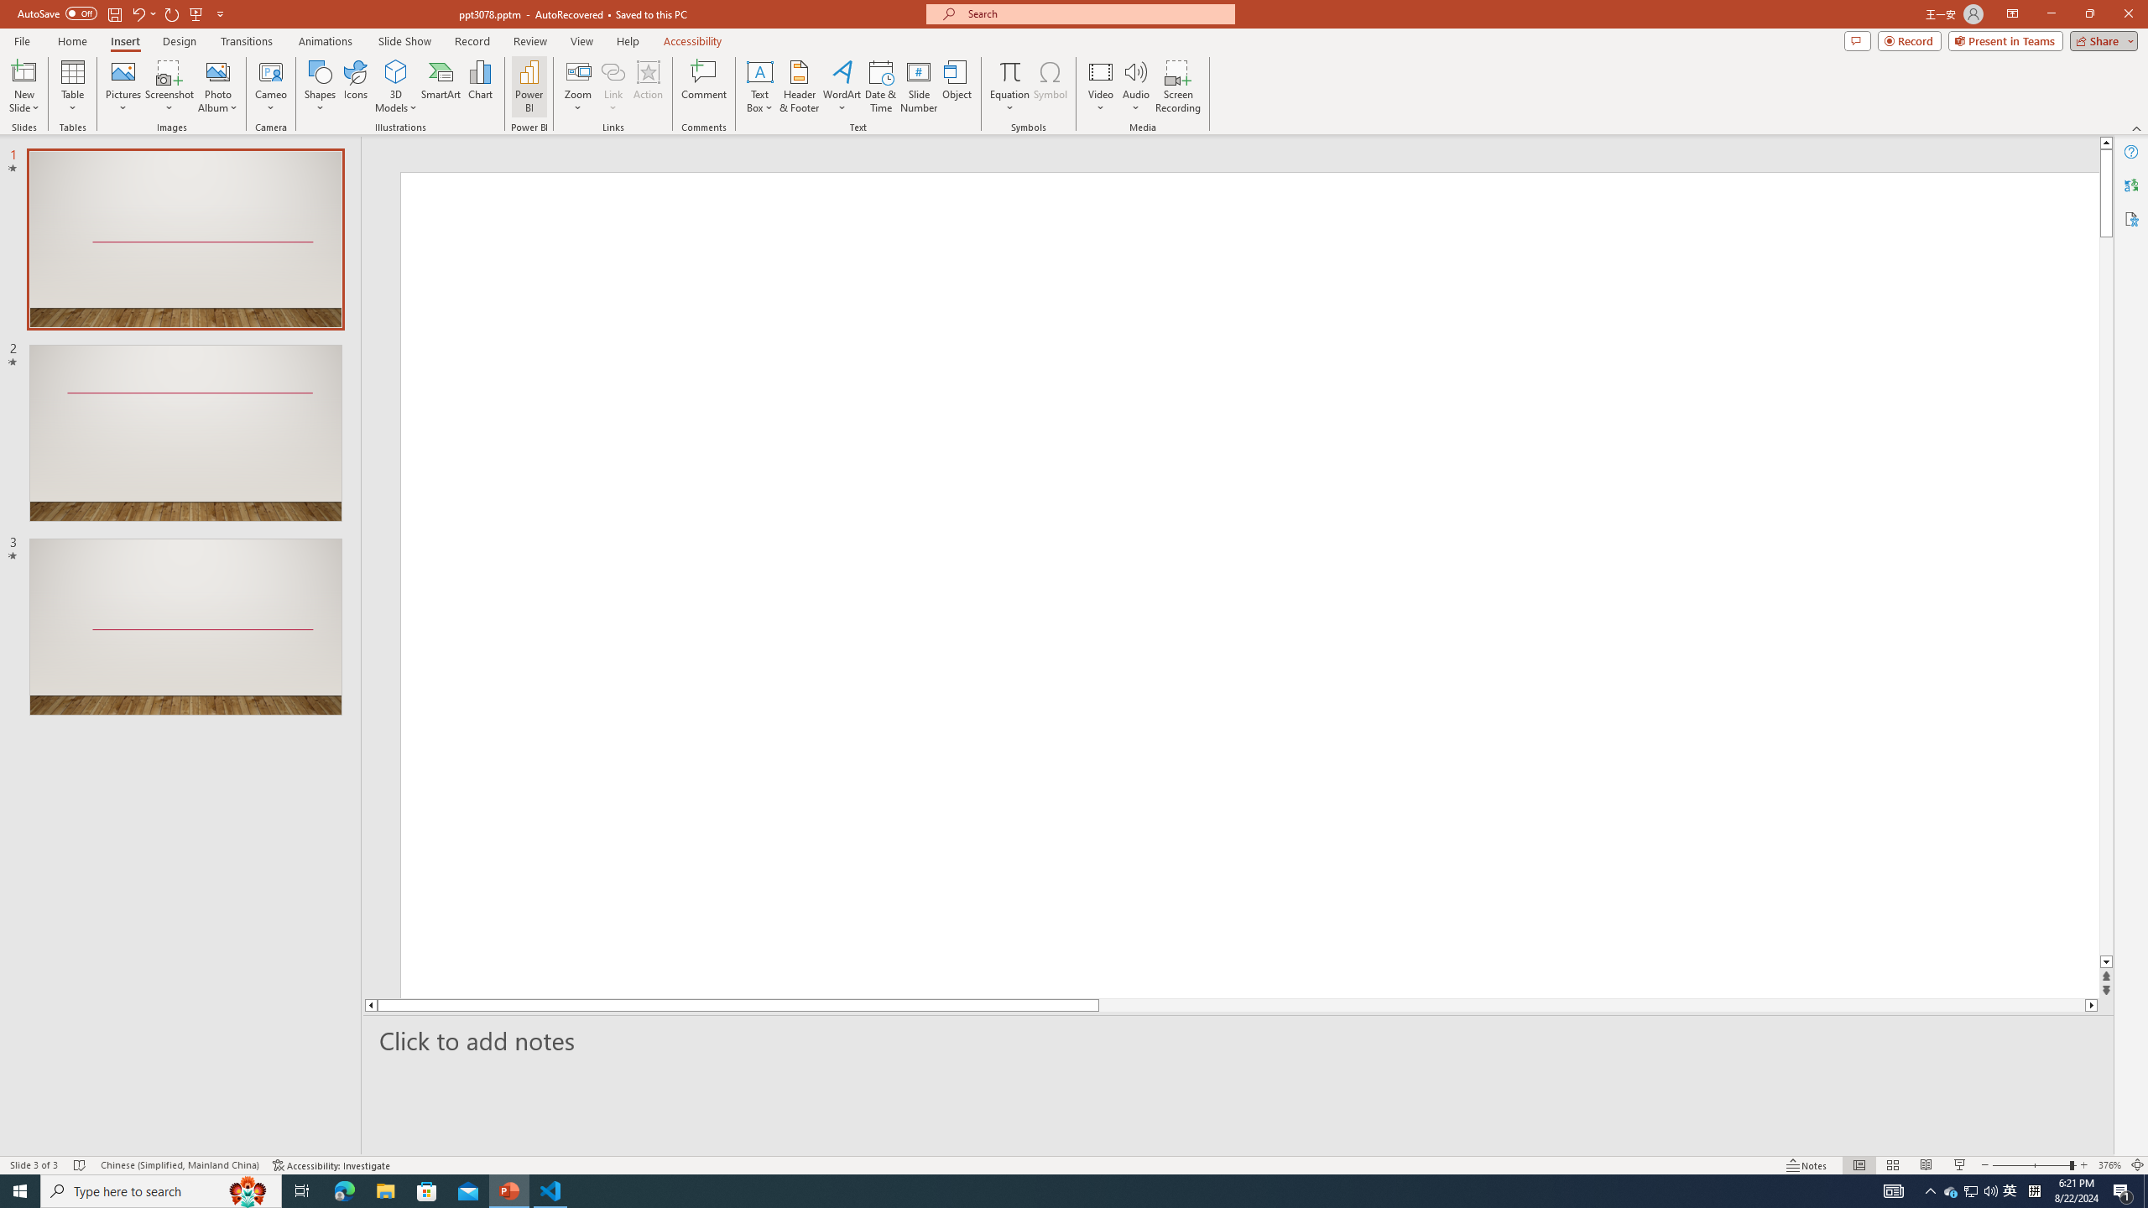 The image size is (2148, 1208). What do you see at coordinates (216, 70) in the screenshot?
I see `'New Photo Album...'` at bounding box center [216, 70].